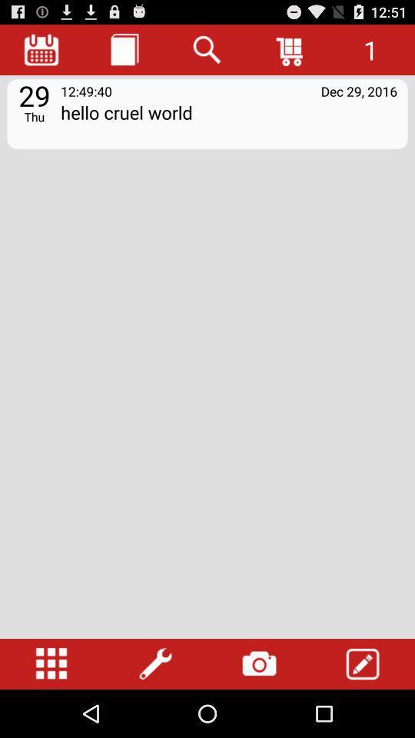 The height and width of the screenshot is (738, 415). Describe the element at coordinates (155, 663) in the screenshot. I see `settings` at that location.